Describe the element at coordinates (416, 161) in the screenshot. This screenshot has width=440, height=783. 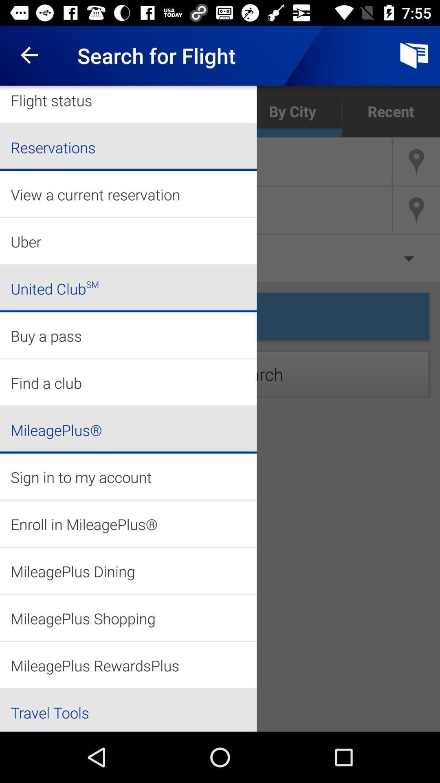
I see `the location icon` at that location.